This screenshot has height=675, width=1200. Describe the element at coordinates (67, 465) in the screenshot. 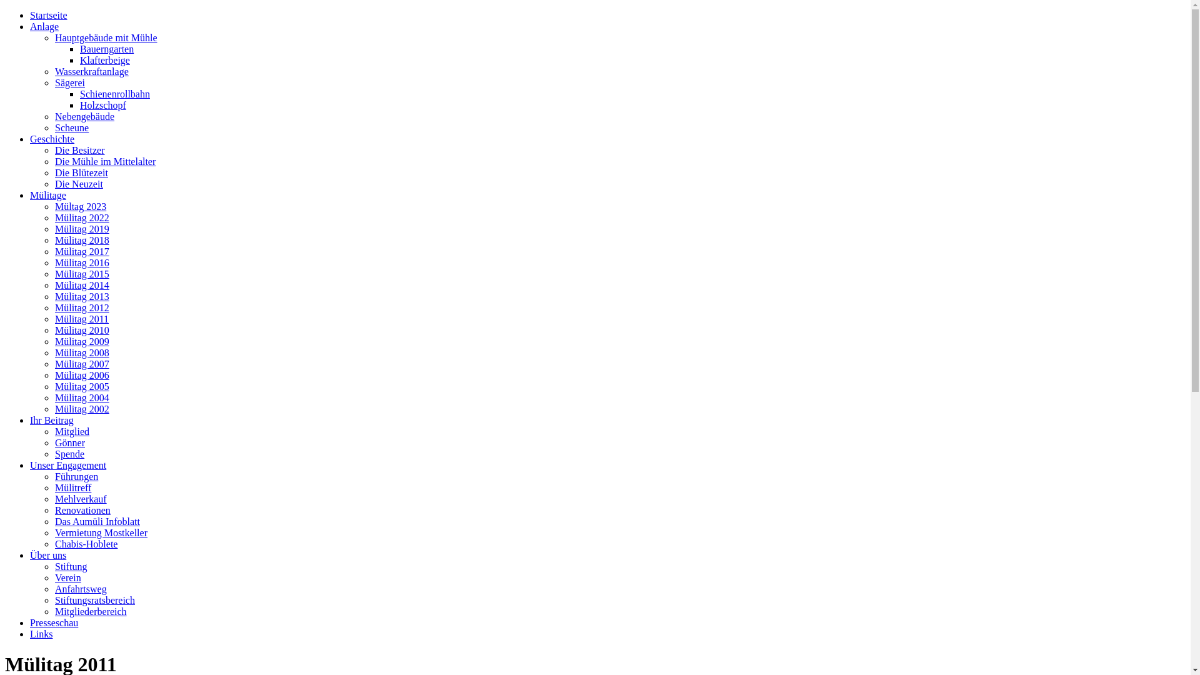

I see `'Unser Engagement'` at that location.